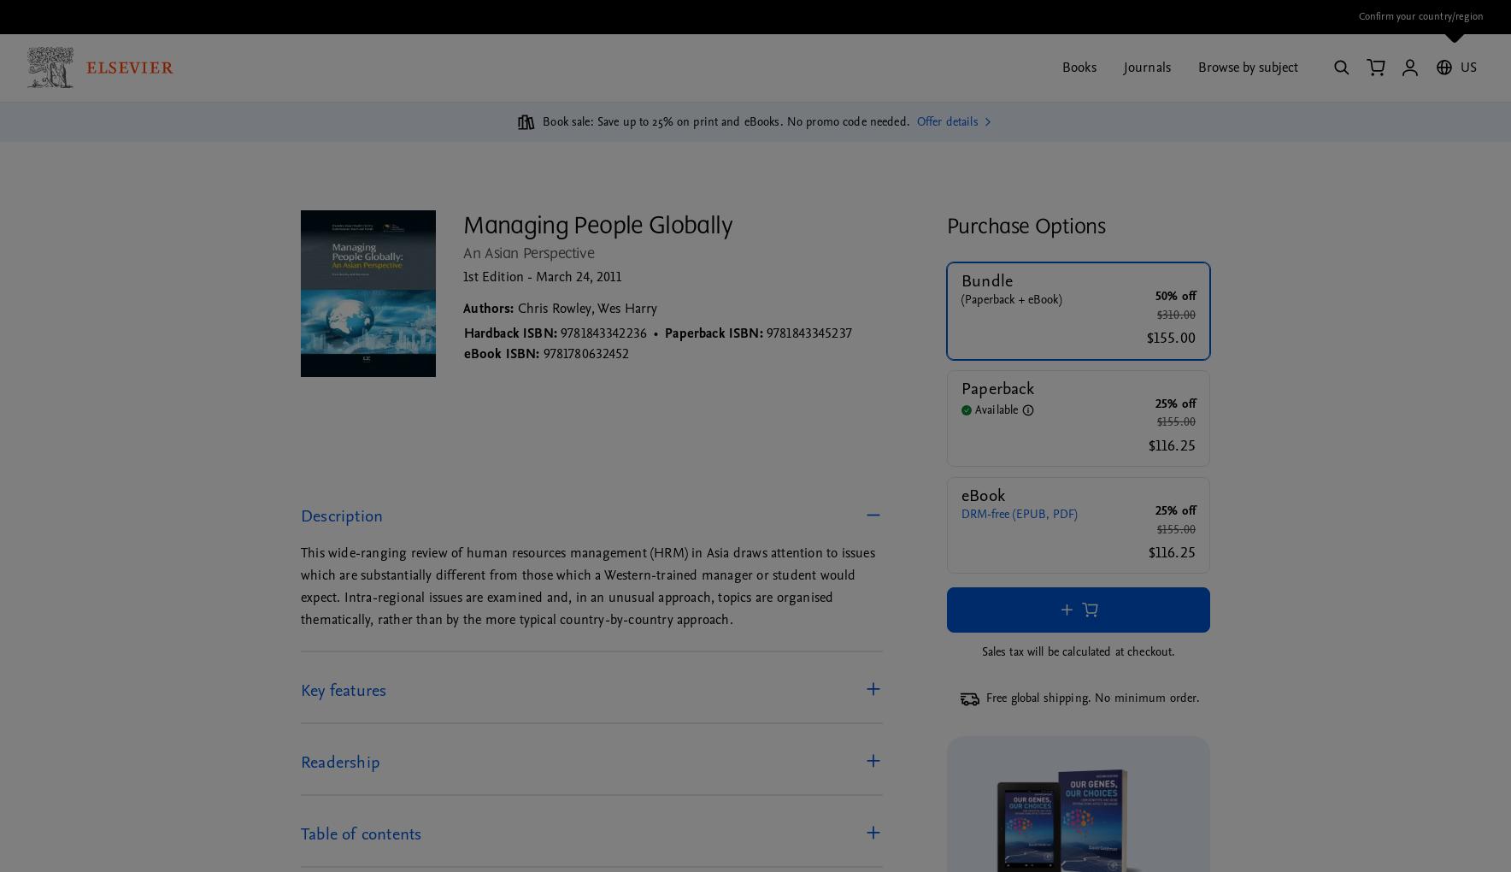  What do you see at coordinates (469, 276) in the screenshot?
I see `'1st'` at bounding box center [469, 276].